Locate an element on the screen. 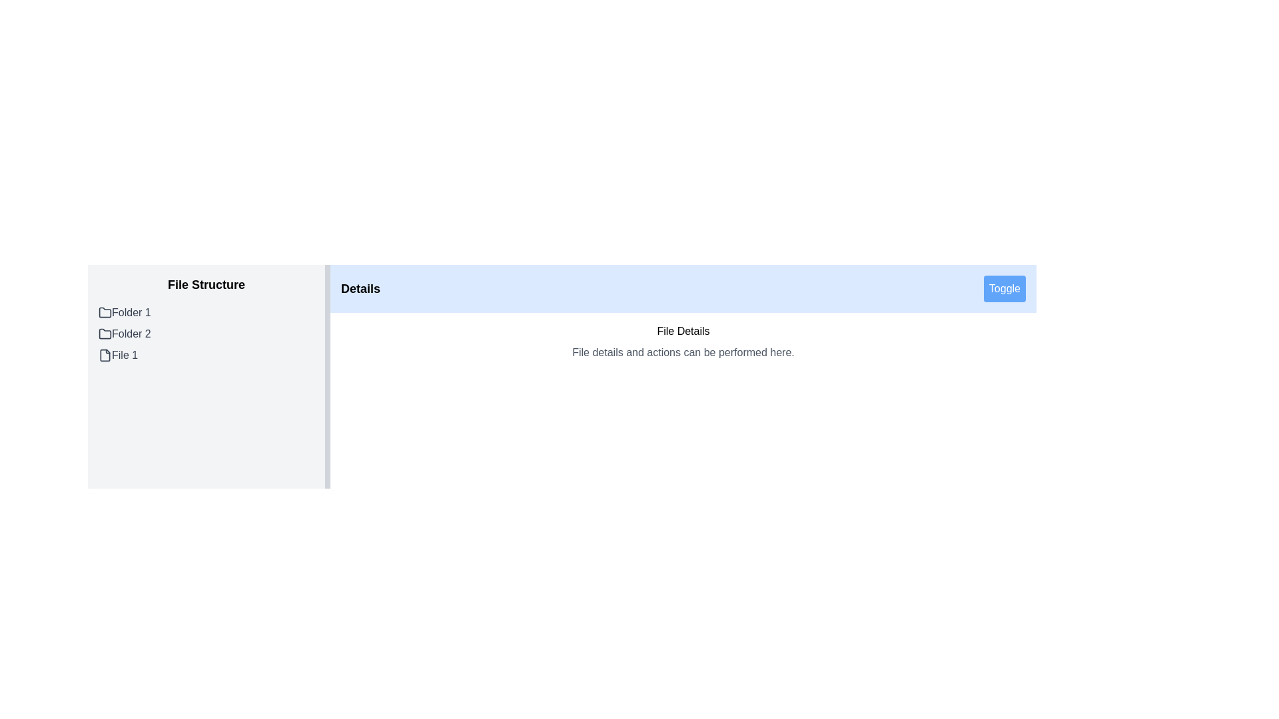  the 'Folder 1' directory in the file structure is located at coordinates (206, 313).